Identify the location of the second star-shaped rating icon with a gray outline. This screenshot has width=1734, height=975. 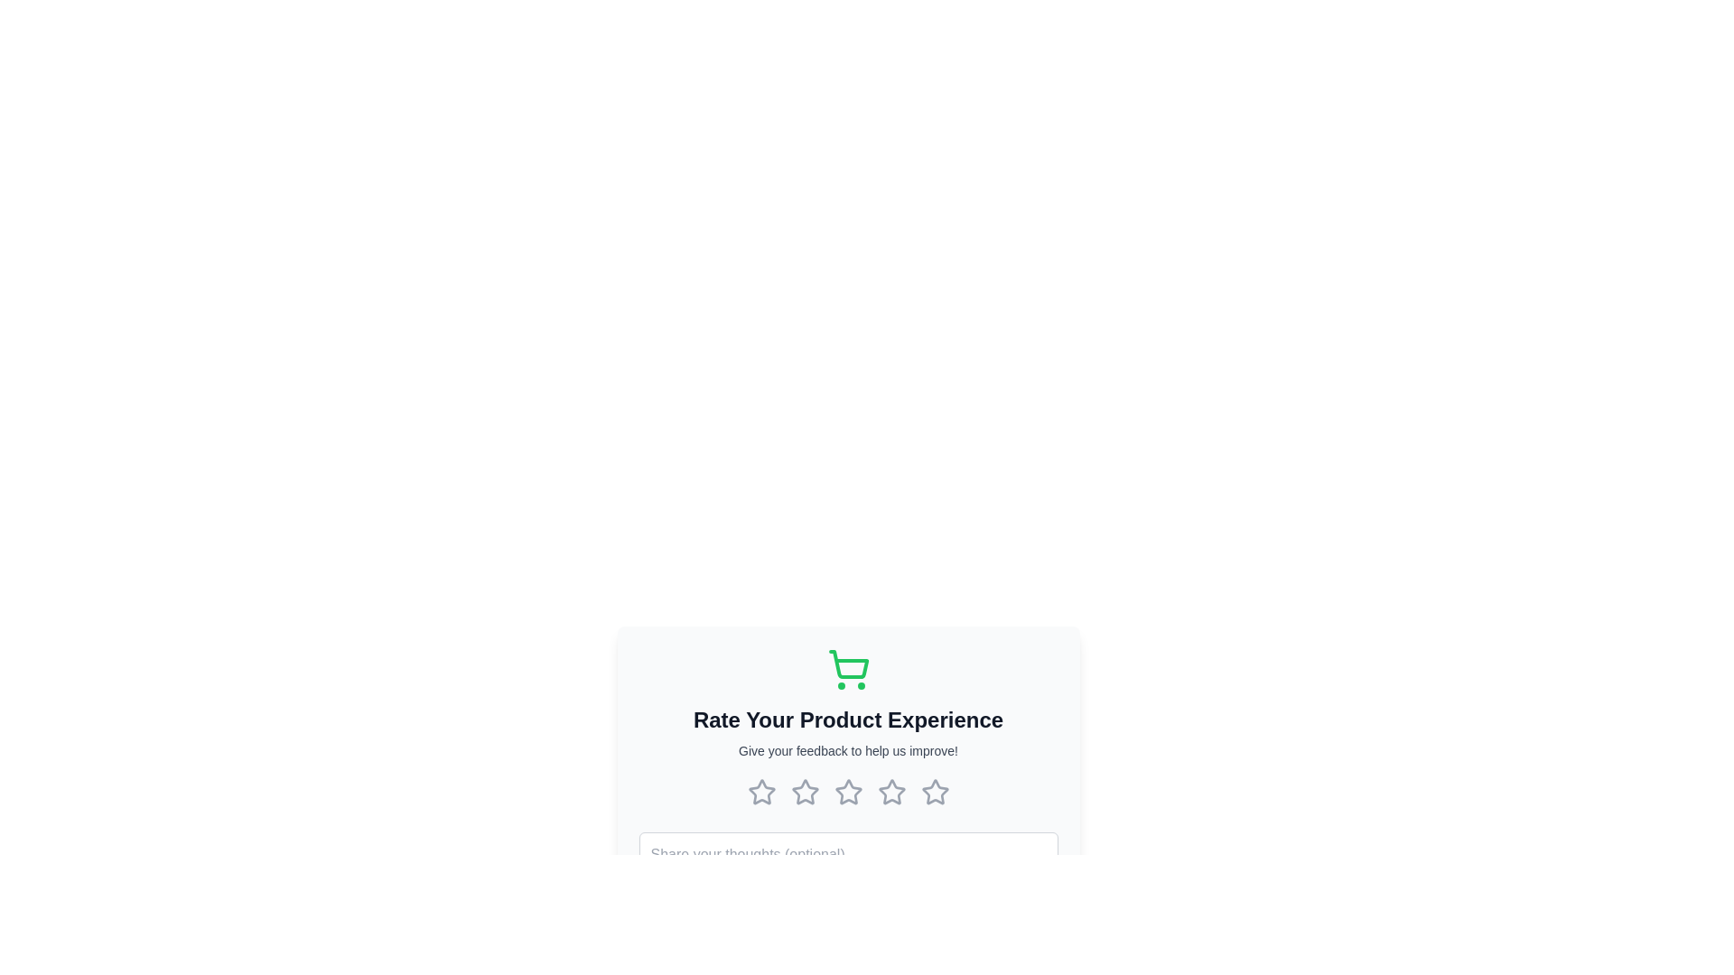
(847, 792).